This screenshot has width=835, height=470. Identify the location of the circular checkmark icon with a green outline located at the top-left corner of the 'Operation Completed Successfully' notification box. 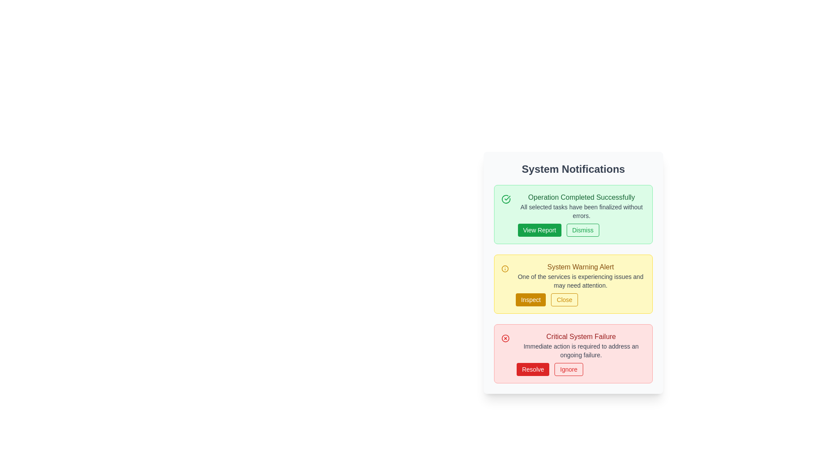
(506, 199).